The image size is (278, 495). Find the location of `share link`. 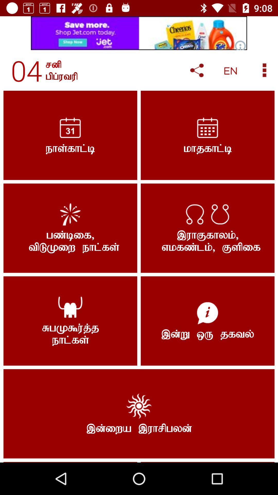

share link is located at coordinates (197, 70).